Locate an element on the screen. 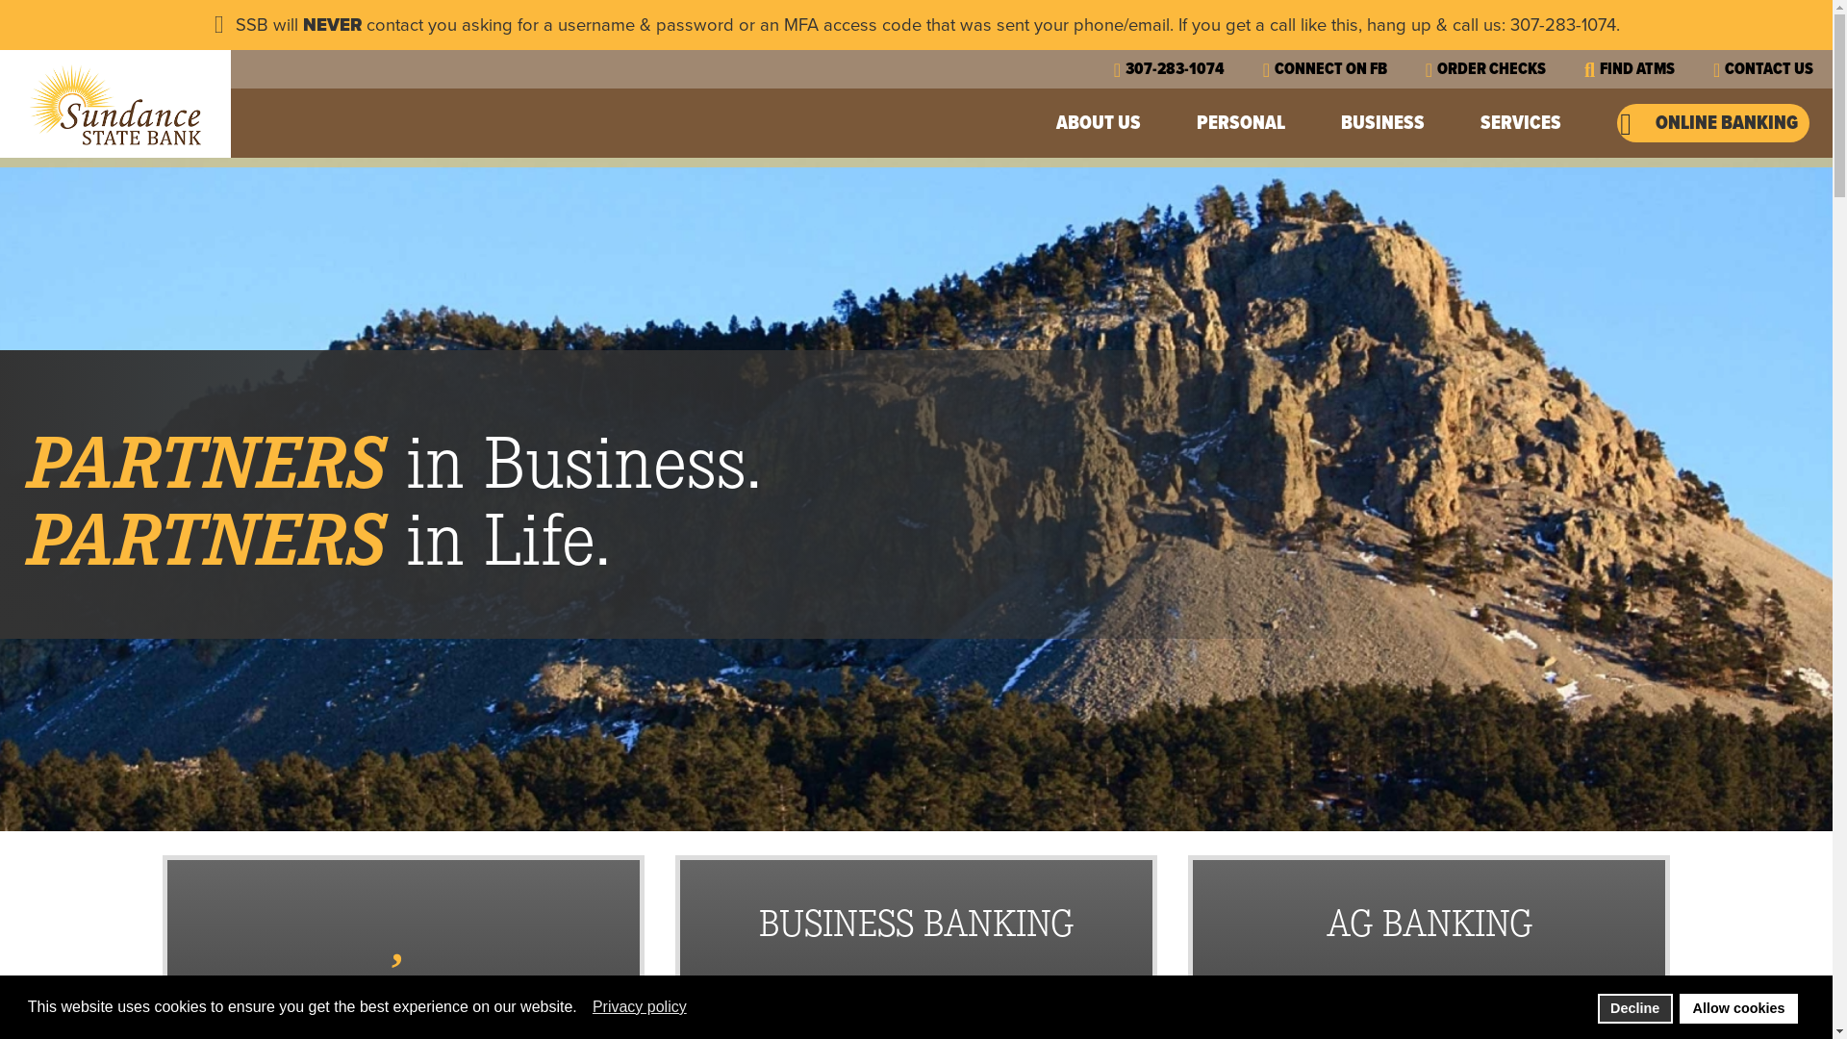 This screenshot has width=1847, height=1039. 'SERVICES' is located at coordinates (1522, 122).